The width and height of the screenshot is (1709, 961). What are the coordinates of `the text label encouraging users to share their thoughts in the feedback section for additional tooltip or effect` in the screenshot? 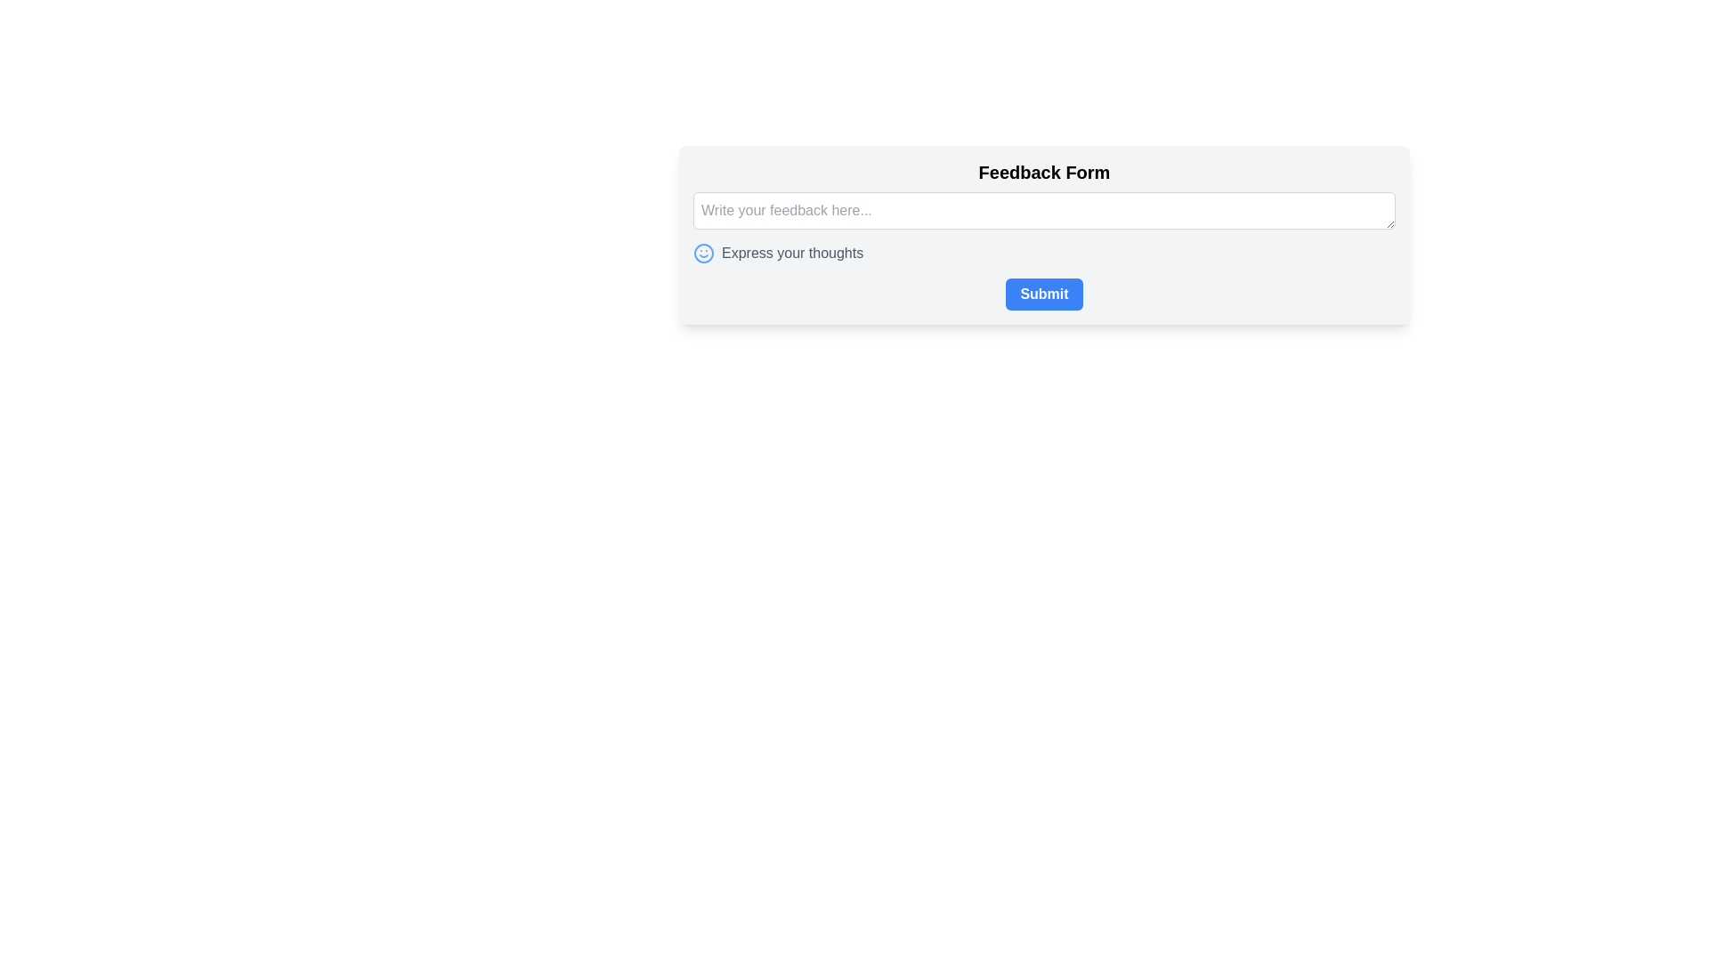 It's located at (791, 254).